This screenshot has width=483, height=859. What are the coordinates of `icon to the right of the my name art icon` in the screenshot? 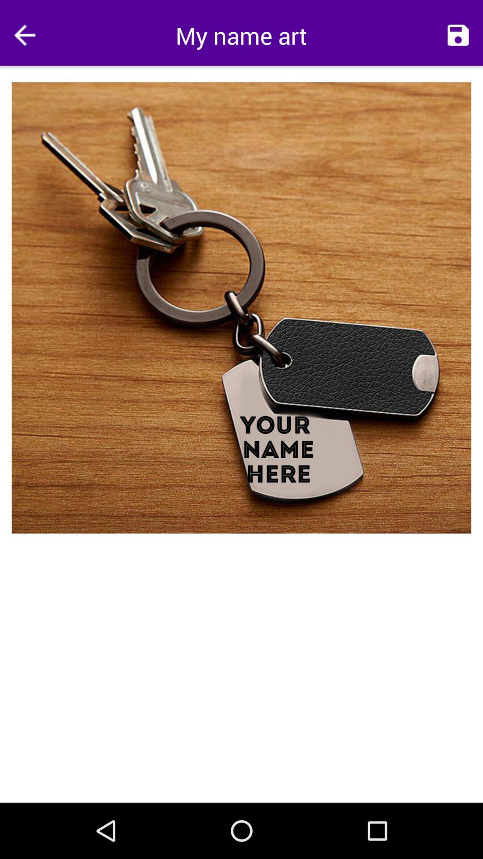 It's located at (458, 35).